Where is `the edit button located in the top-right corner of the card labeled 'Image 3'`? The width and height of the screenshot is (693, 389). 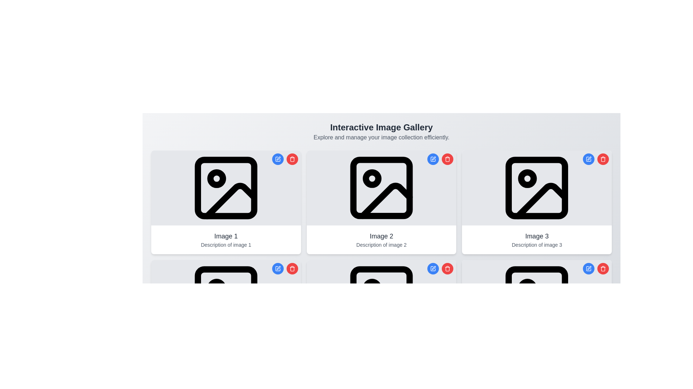 the edit button located in the top-right corner of the card labeled 'Image 3' is located at coordinates (589, 159).